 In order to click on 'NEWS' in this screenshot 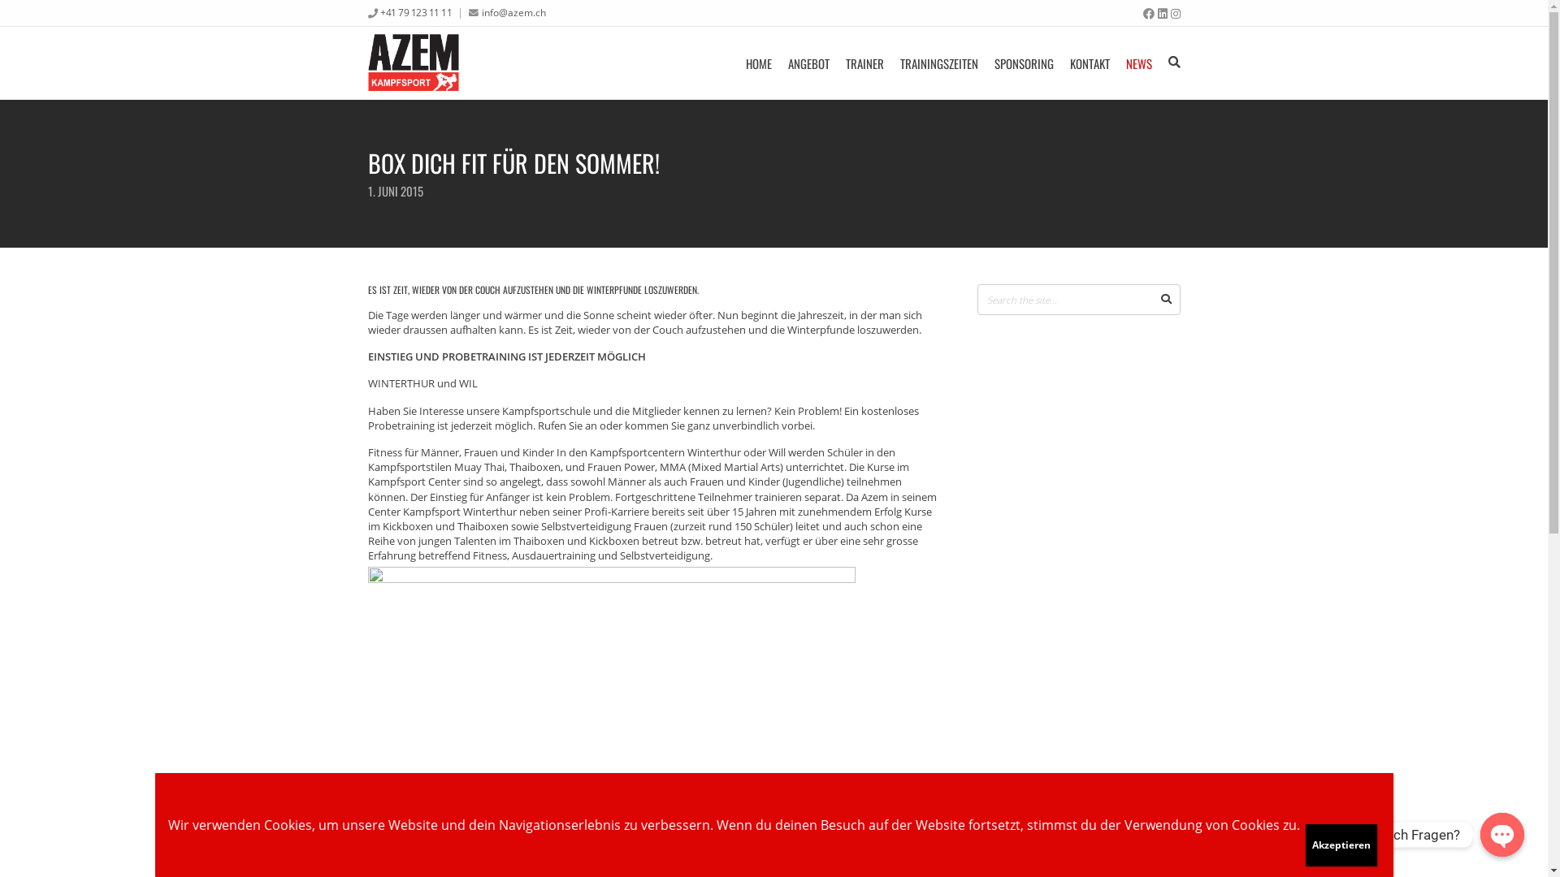, I will do `click(1137, 62)`.